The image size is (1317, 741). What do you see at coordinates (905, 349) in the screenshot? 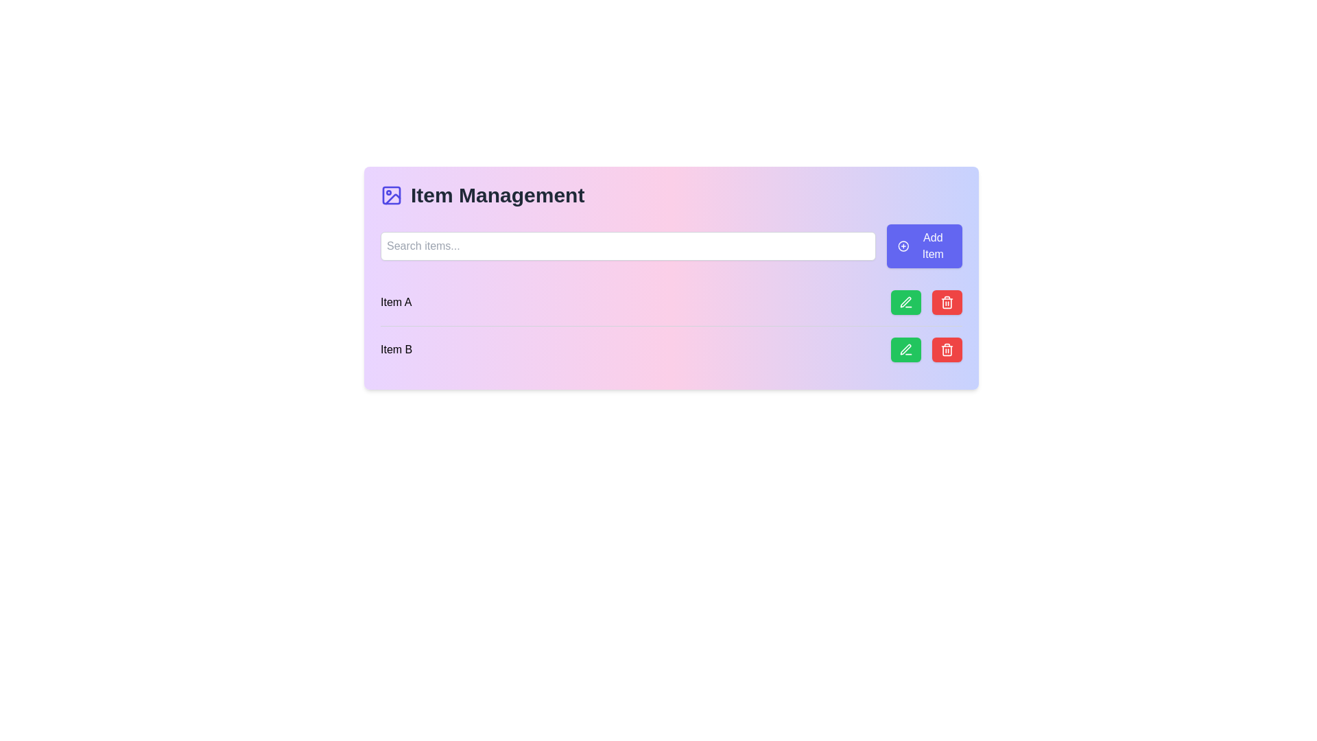
I see `the edit button for Item B` at bounding box center [905, 349].